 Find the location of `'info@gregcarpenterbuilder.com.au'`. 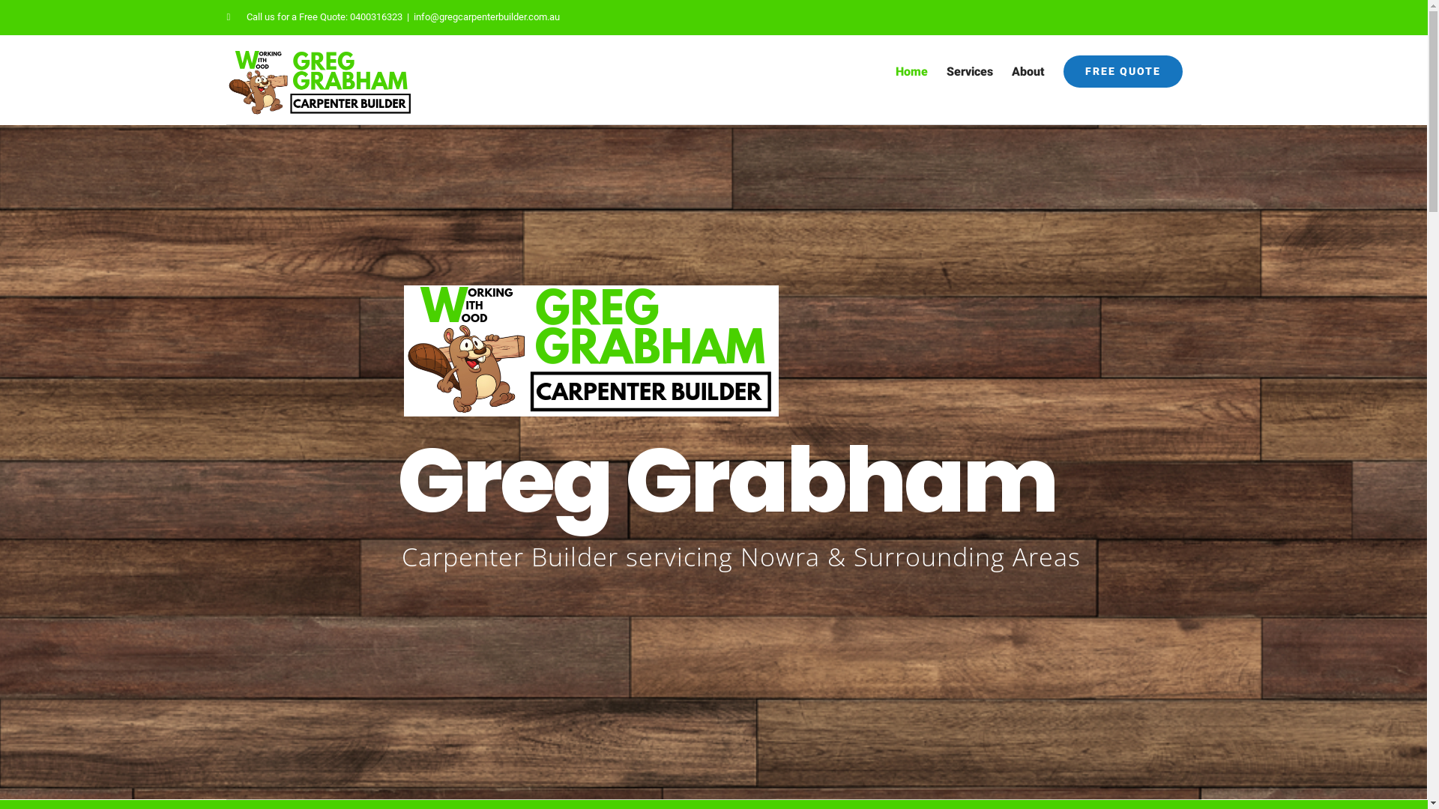

'info@gregcarpenterbuilder.com.au' is located at coordinates (486, 16).